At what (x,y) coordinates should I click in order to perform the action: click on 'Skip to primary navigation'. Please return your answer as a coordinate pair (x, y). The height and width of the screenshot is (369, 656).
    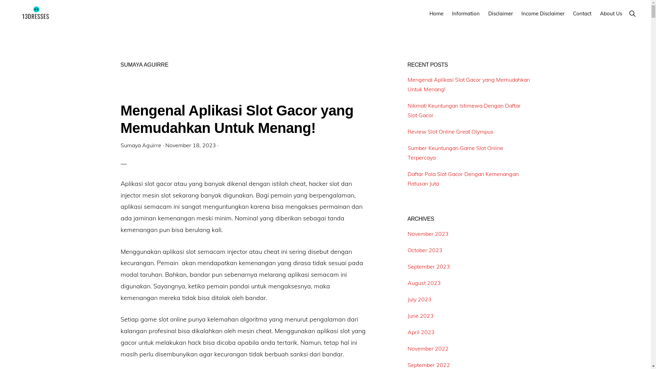
    Looking at the image, I should click on (0, 0).